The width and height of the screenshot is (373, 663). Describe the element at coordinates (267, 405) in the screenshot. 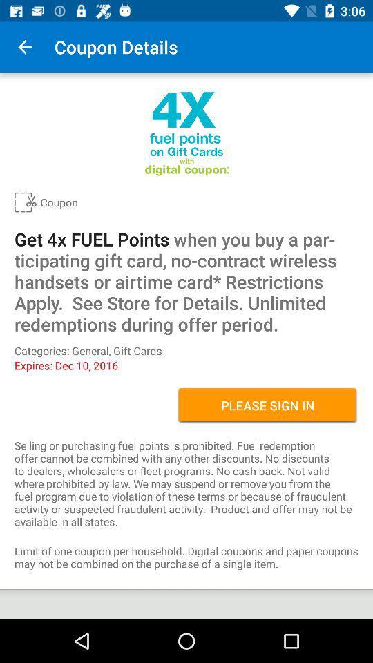

I see `the icon on the right` at that location.